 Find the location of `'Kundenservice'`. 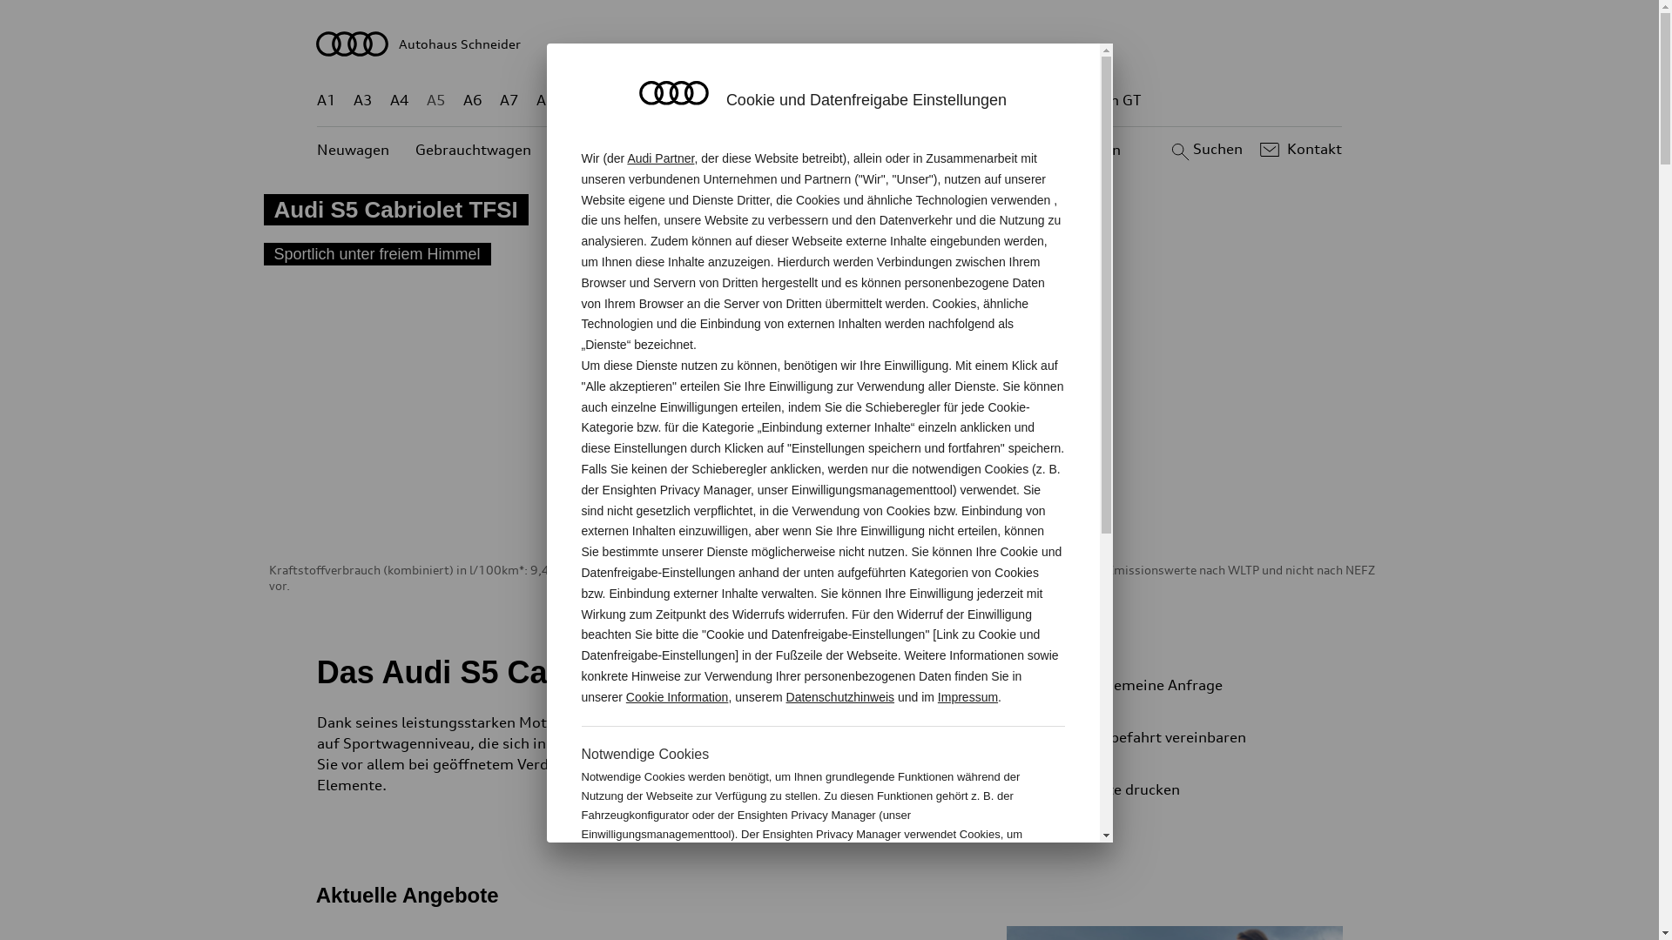

'Kundenservice' is located at coordinates (839, 149).